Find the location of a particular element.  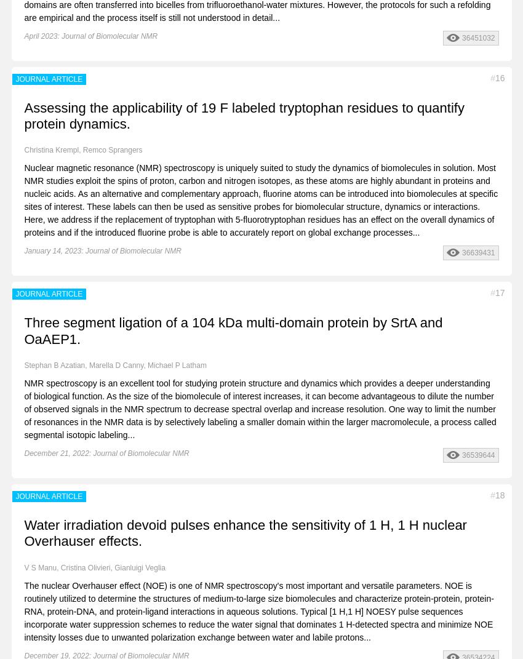

'January 14, 2023: Journal of Biomolecular NMR' is located at coordinates (102, 251).